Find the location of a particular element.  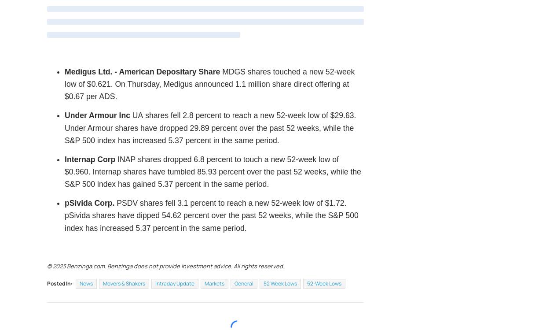

'shares touched a new 52-week low of $0.621. On Thursday, Medigus announced 1.1 million share direct offering at $0.67 per ADS.' is located at coordinates (209, 83).